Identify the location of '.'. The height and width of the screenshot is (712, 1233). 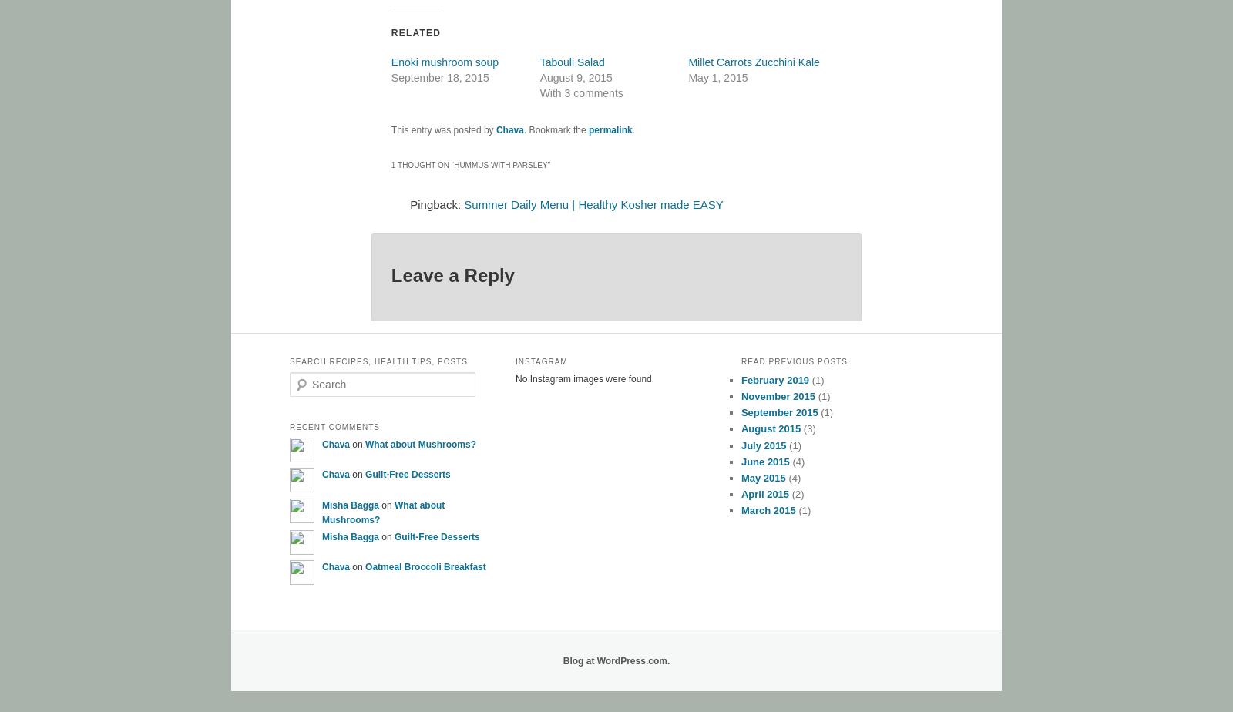
(632, 129).